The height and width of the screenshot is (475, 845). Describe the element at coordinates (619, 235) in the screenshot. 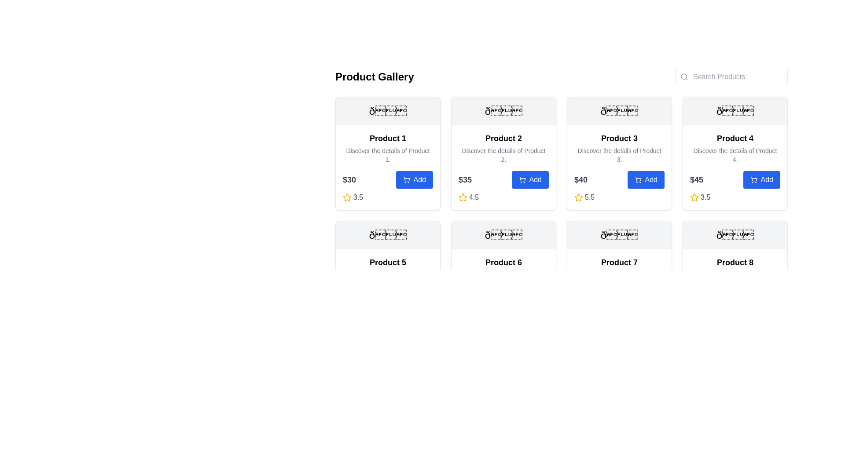

I see `the decorative icon representing 'Product 7' located at the top section of its card, centered horizontally above the text content` at that location.